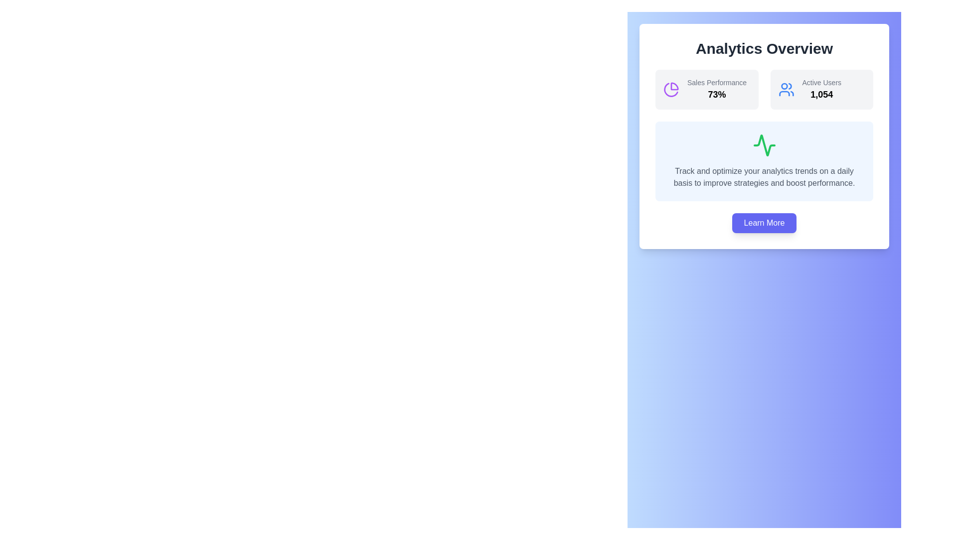  What do you see at coordinates (716, 94) in the screenshot?
I see `the non-interactive Text label that displays the sales performance percentage (73%) located to the right of the 'Sales Performance' label in the 'Analytics Overview' panel` at bounding box center [716, 94].